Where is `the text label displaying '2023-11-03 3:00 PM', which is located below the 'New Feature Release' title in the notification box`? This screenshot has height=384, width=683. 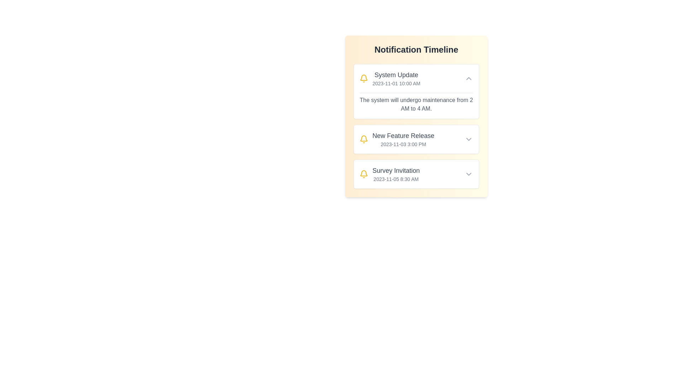 the text label displaying '2023-11-03 3:00 PM', which is located below the 'New Feature Release' title in the notification box is located at coordinates (403, 144).